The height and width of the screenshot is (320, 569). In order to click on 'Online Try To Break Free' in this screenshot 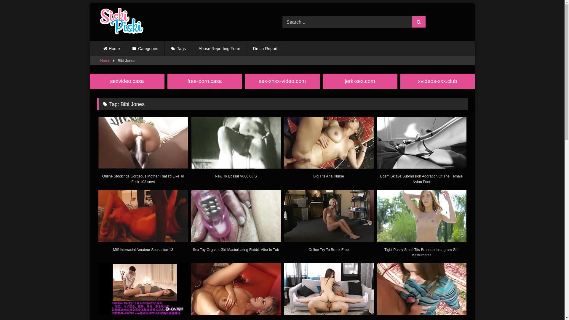, I will do `click(328, 223)`.